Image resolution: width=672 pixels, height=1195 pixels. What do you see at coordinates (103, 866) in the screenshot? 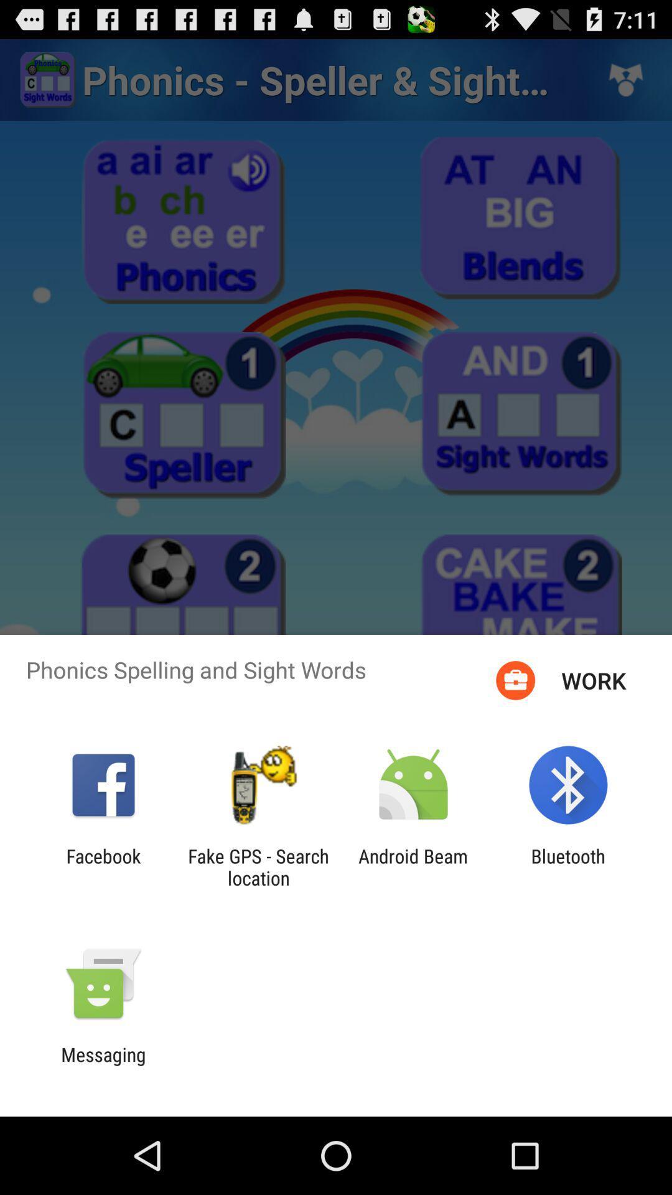
I see `the app next to fake gps search` at bounding box center [103, 866].